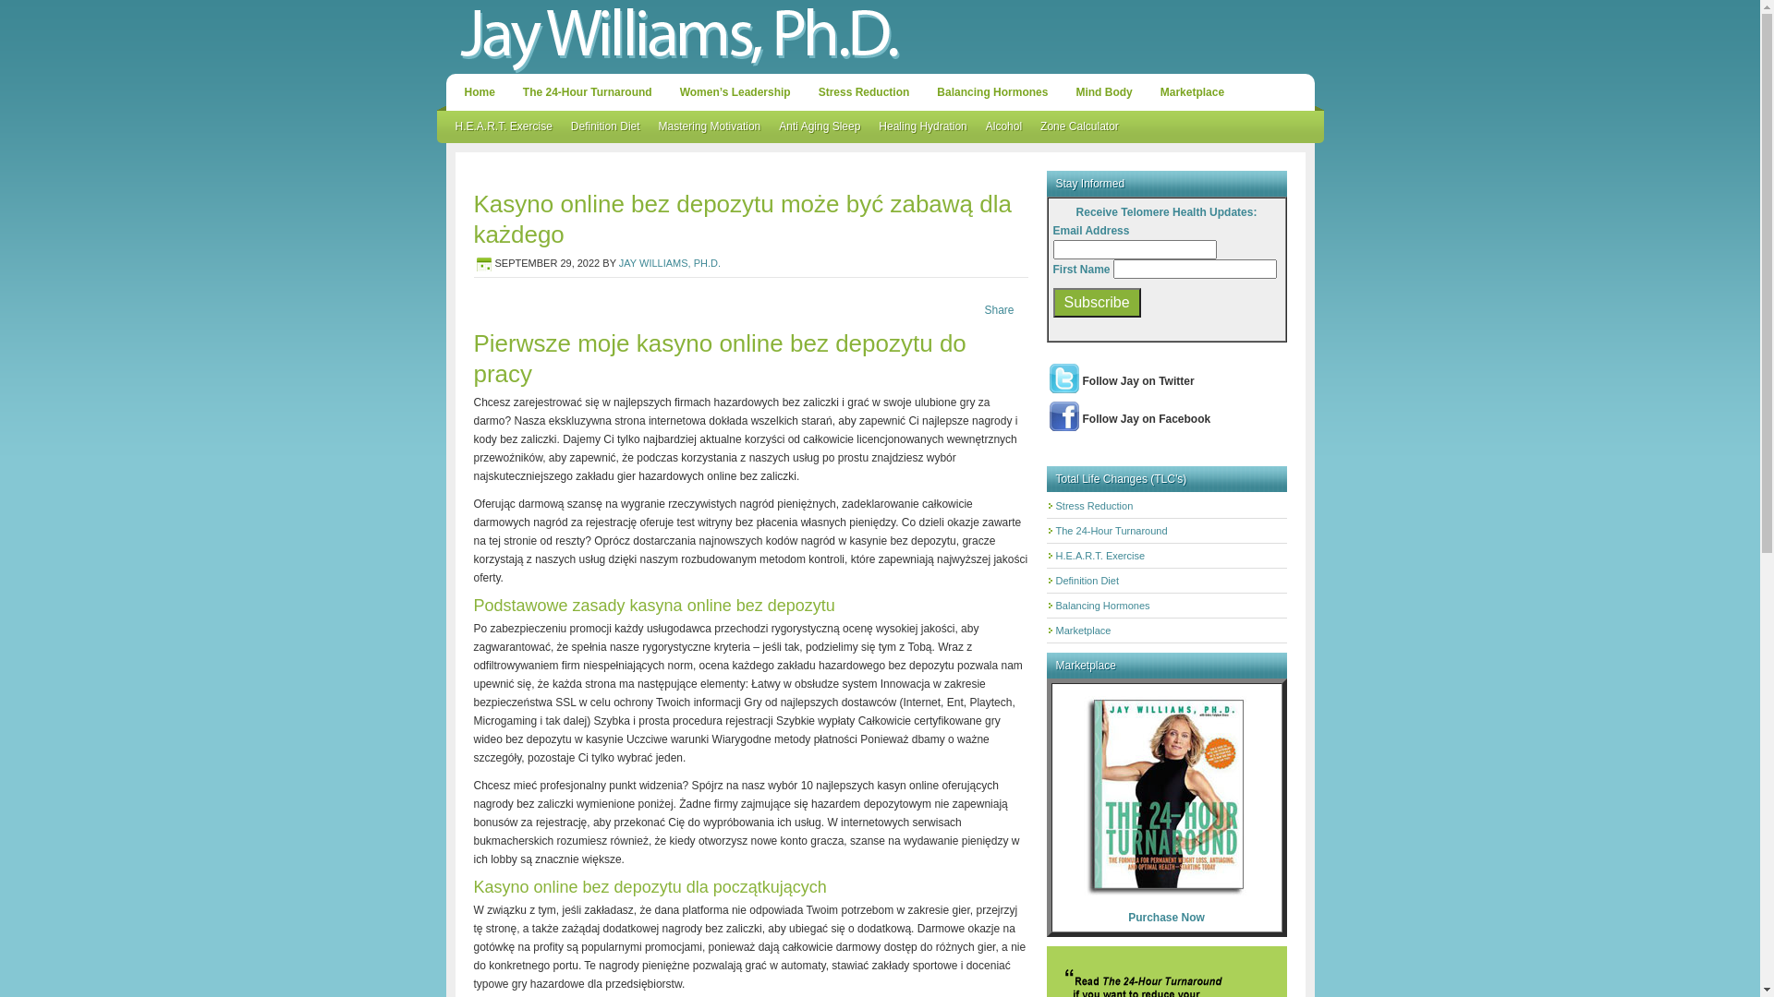  Describe the element at coordinates (997, 308) in the screenshot. I see `'Share'` at that location.